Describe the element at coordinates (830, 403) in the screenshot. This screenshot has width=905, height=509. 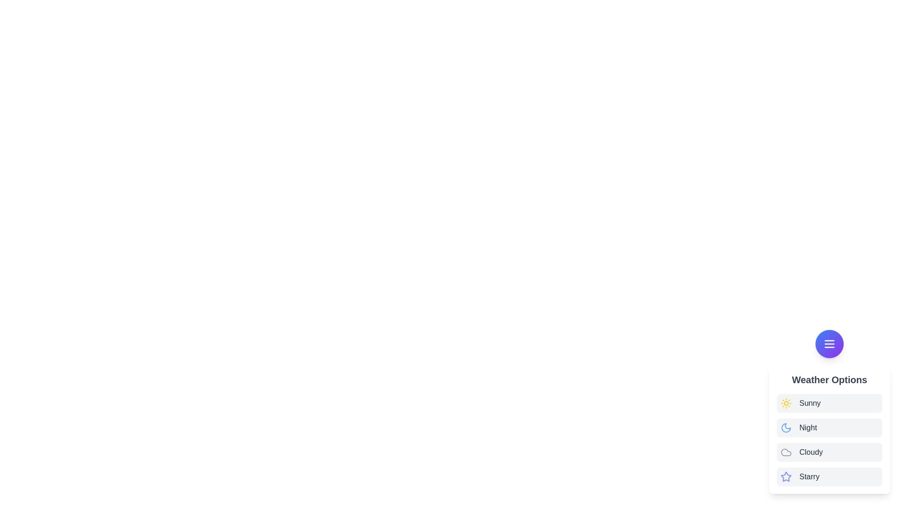
I see `the weather option Sunny from the list` at that location.